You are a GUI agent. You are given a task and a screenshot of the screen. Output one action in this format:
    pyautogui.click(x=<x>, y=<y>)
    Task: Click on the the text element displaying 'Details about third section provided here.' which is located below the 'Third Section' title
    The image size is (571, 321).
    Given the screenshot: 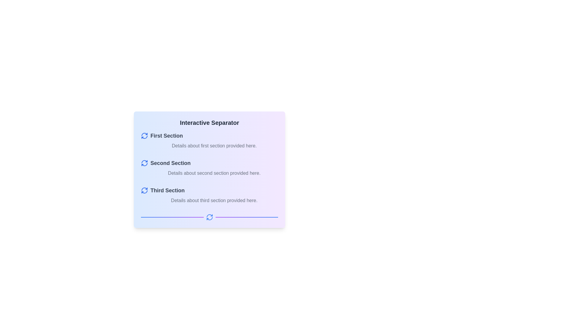 What is the action you would take?
    pyautogui.click(x=209, y=201)
    